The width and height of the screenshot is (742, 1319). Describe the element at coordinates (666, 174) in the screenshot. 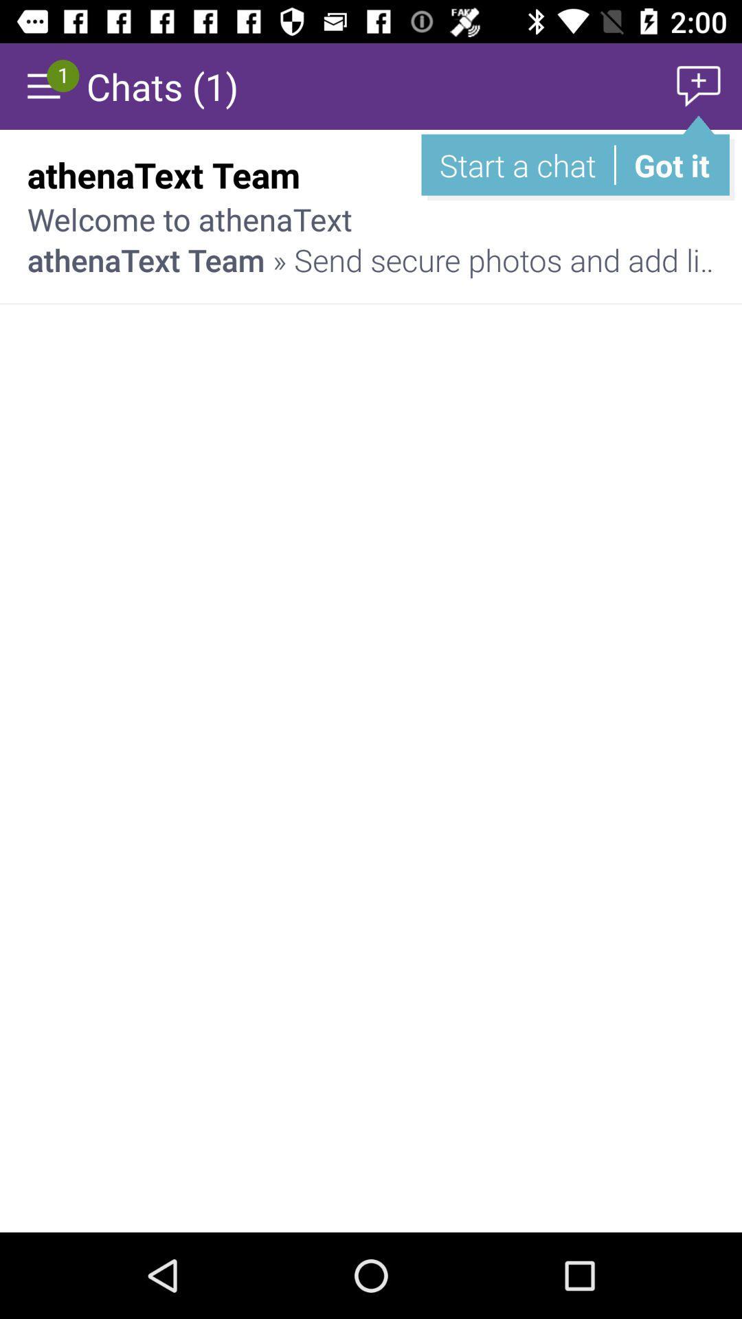

I see `1:59 am item` at that location.